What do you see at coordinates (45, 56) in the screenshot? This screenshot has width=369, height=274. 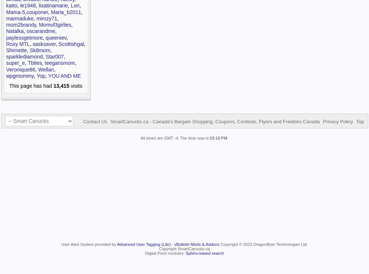 I see `'Star007'` at bounding box center [45, 56].